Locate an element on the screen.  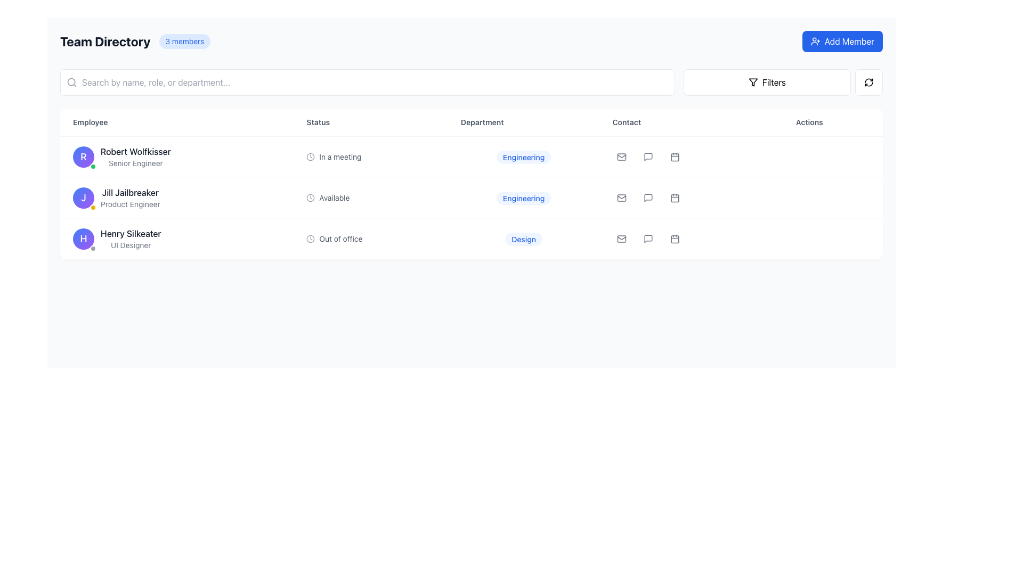
the envelope icon located is located at coordinates (621, 198).